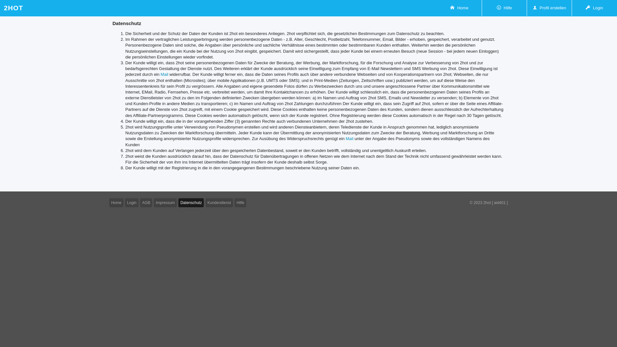 This screenshot has height=347, width=617. Describe the element at coordinates (0, 8) in the screenshot. I see `'2HOT'` at that location.